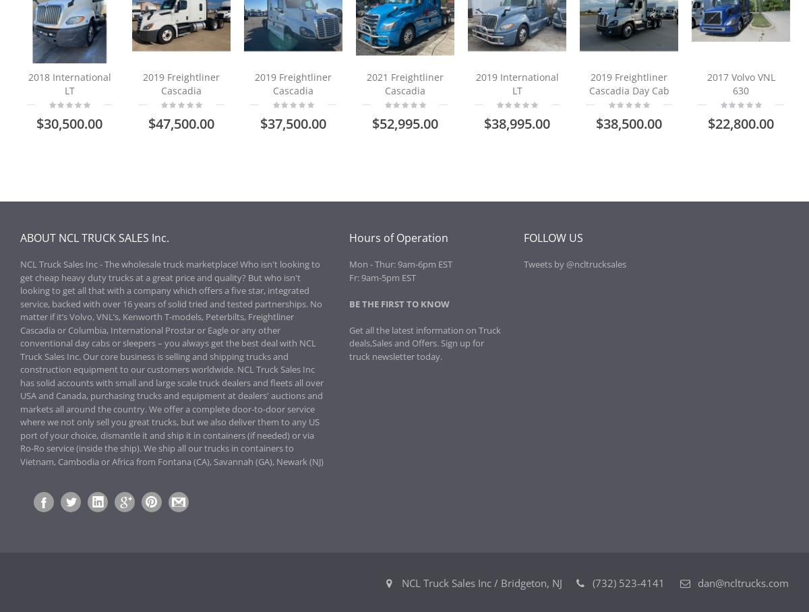  I want to click on 'Hours of Operation', so click(397, 238).